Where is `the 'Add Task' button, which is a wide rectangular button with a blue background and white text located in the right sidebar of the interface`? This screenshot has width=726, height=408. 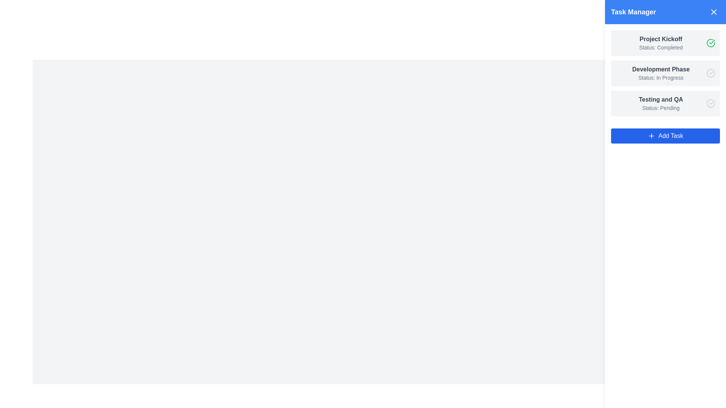
the 'Add Task' button, which is a wide rectangular button with a blue background and white text located in the right sidebar of the interface is located at coordinates (665, 135).